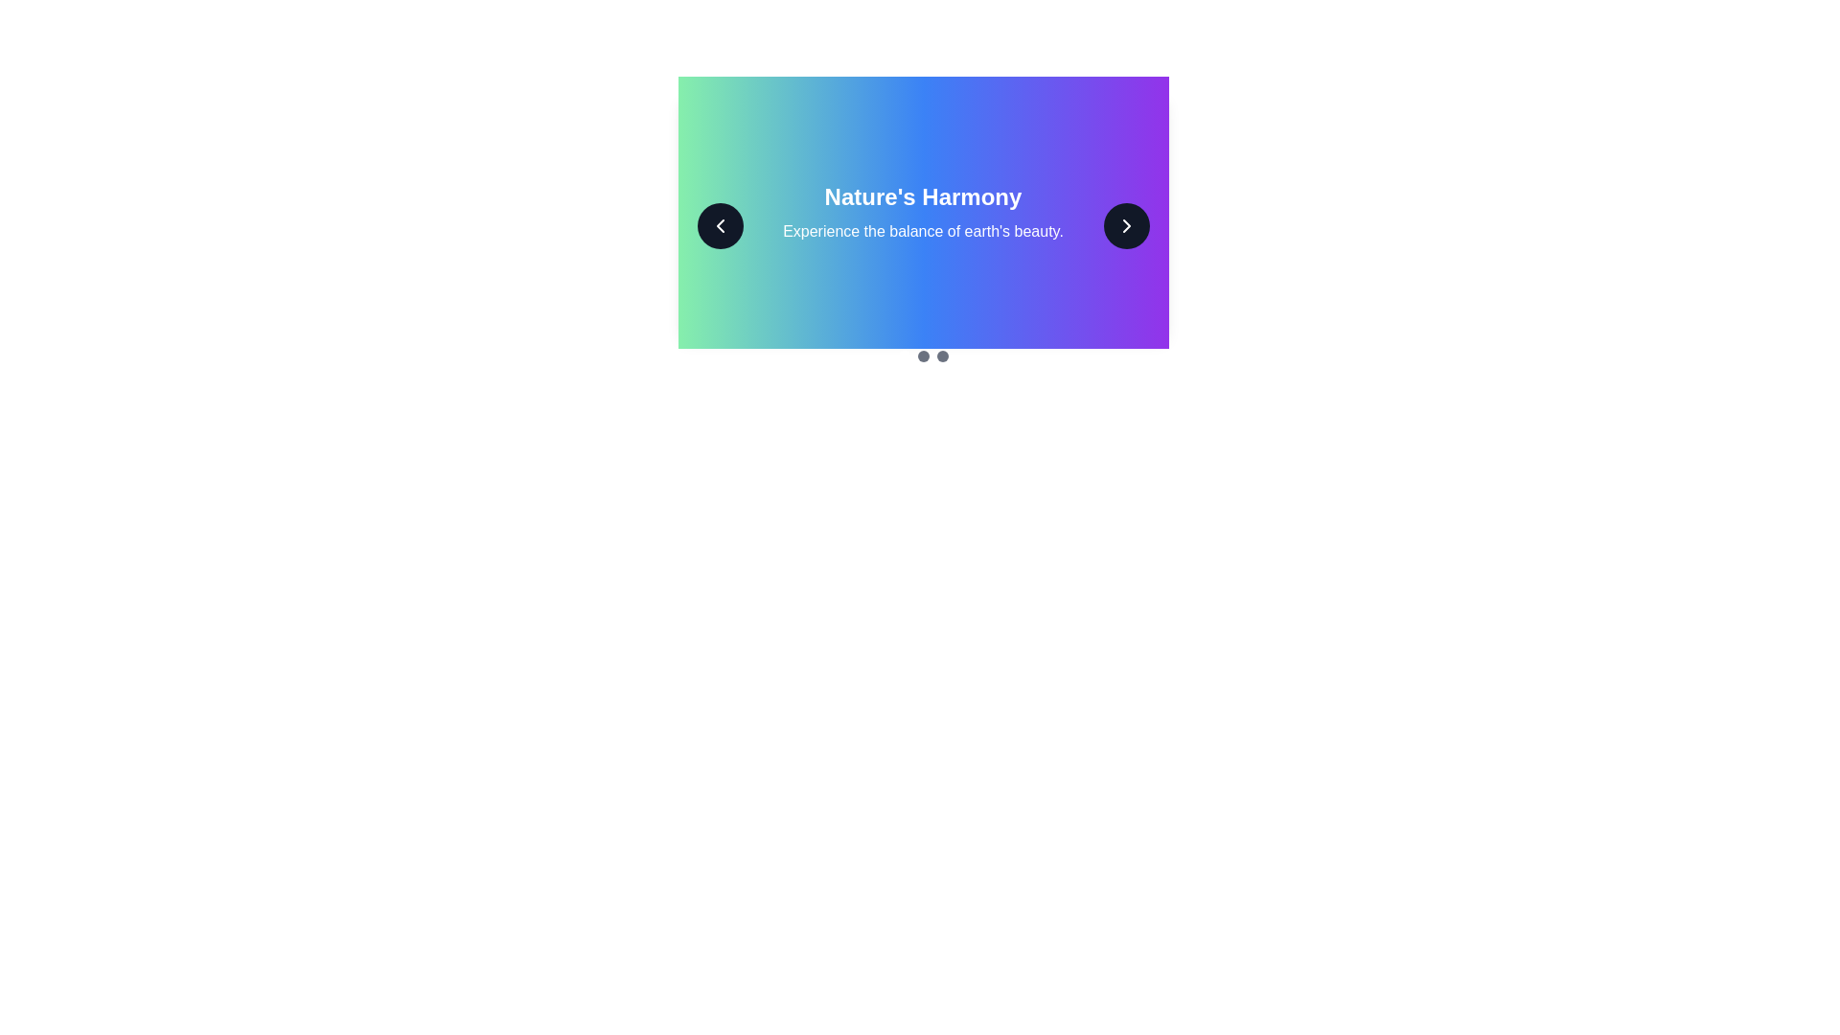 The height and width of the screenshot is (1035, 1840). I want to click on the first Carousel indicator dot, which is a small circular dot with a white background located beneath the carousel interface, so click(903, 356).